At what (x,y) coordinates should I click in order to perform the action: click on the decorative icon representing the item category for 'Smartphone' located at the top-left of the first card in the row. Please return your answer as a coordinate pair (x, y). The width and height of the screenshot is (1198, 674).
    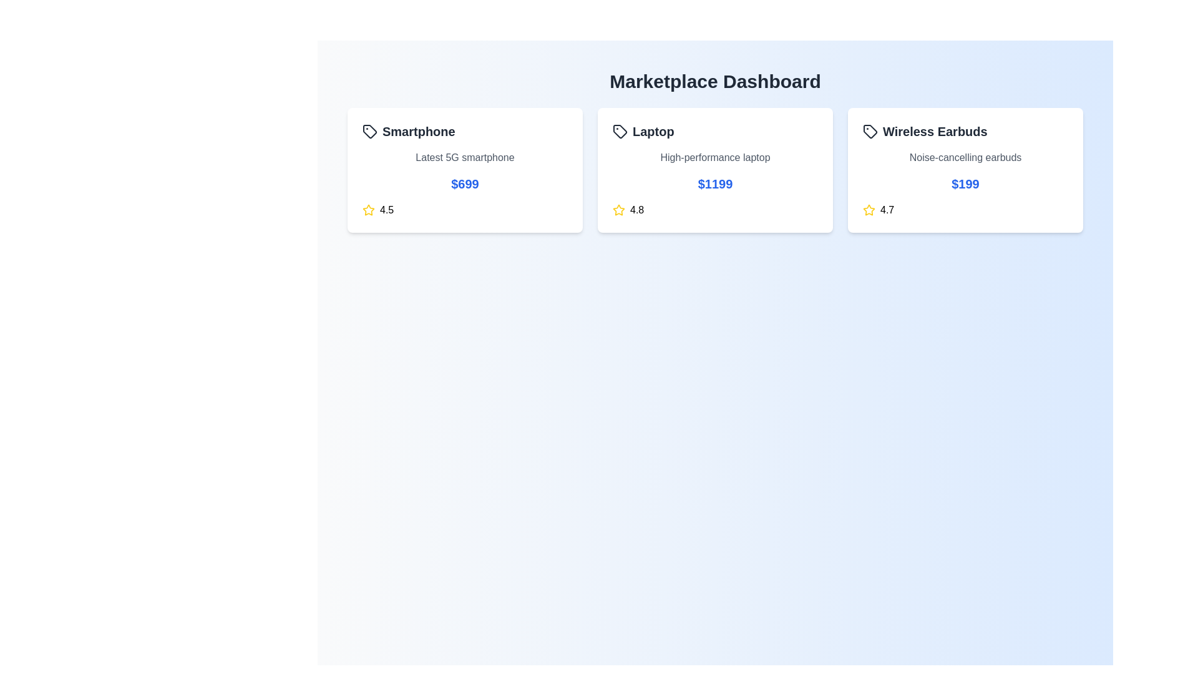
    Looking at the image, I should click on (369, 132).